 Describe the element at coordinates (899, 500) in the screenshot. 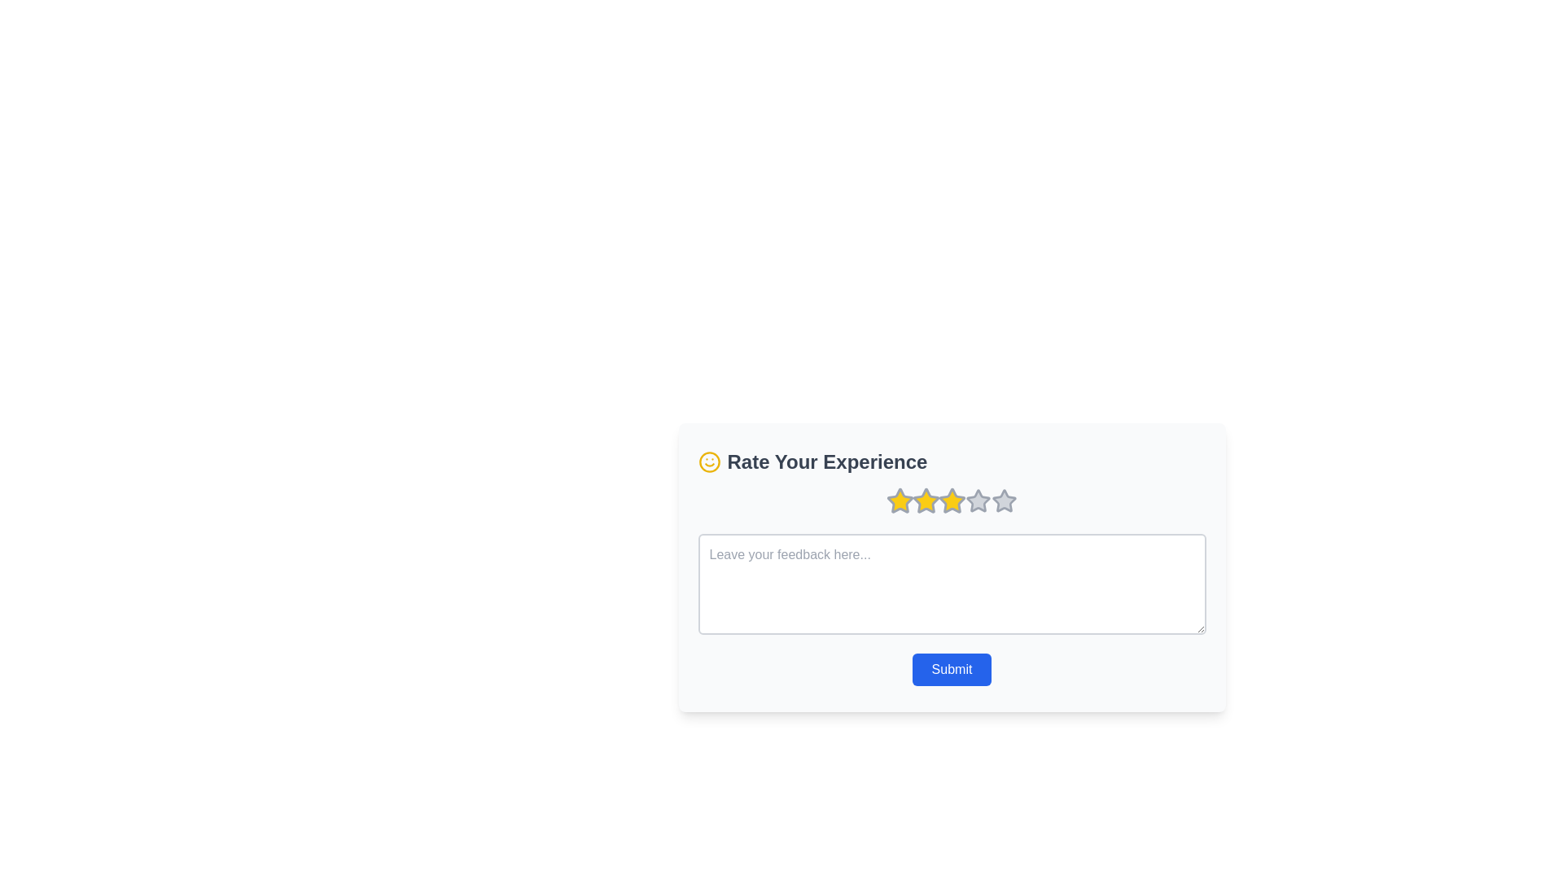

I see `the active yellow star icon representing a rating of 1 located beneath the 'Rate Your Experience' text` at that location.